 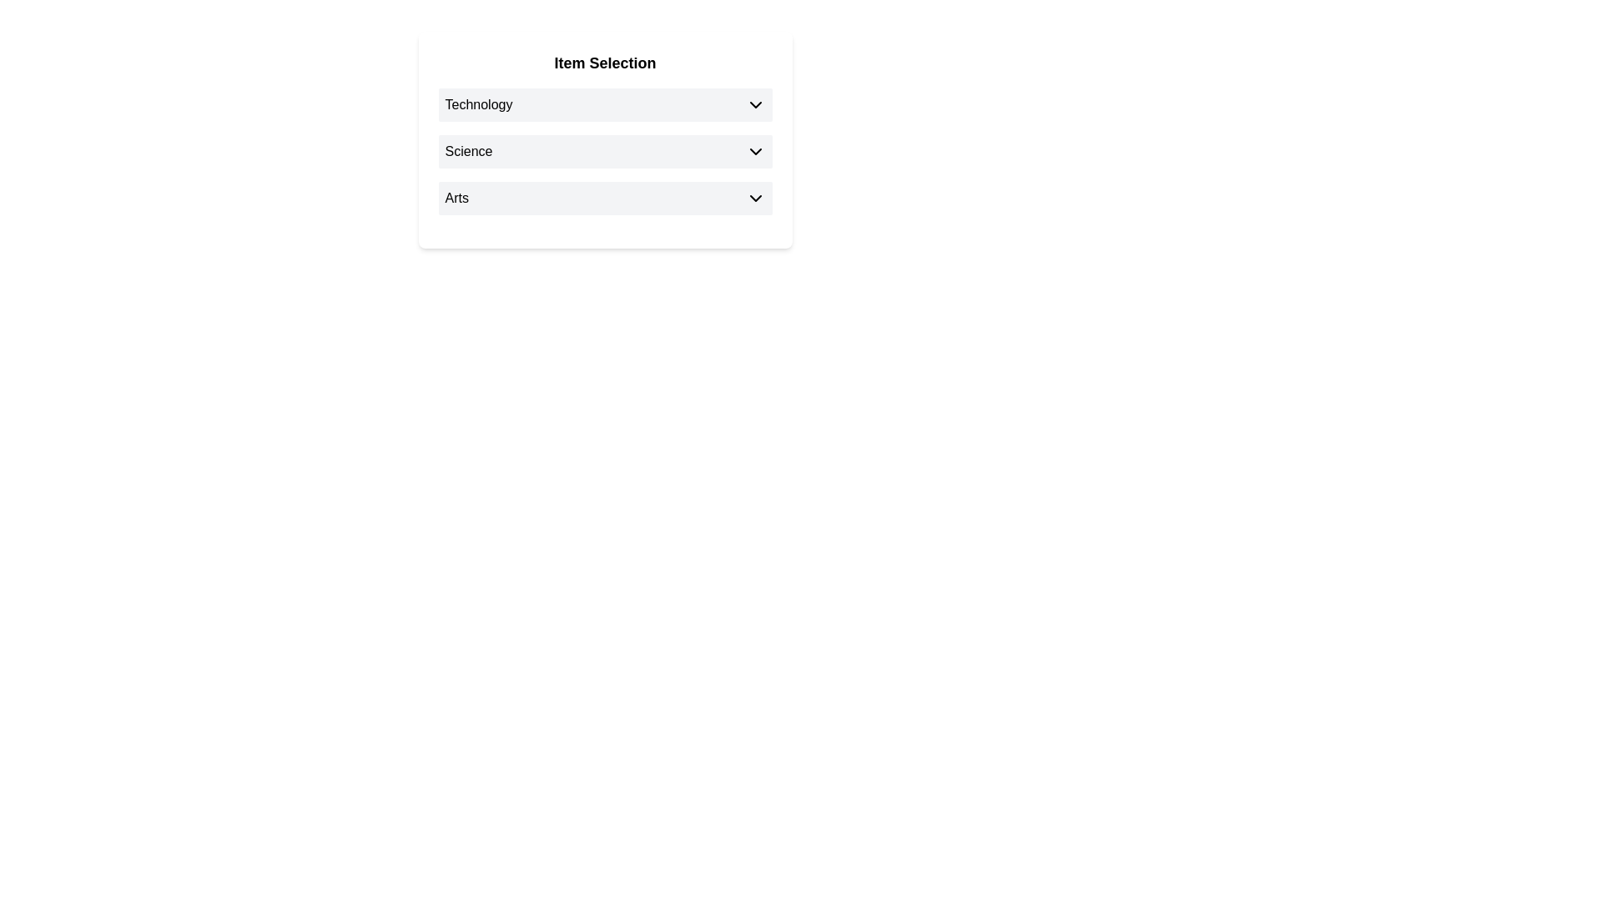 What do you see at coordinates (754, 105) in the screenshot?
I see `the downward-pointing chevron icon for the dropdown toggle on the 'Technology' button` at bounding box center [754, 105].